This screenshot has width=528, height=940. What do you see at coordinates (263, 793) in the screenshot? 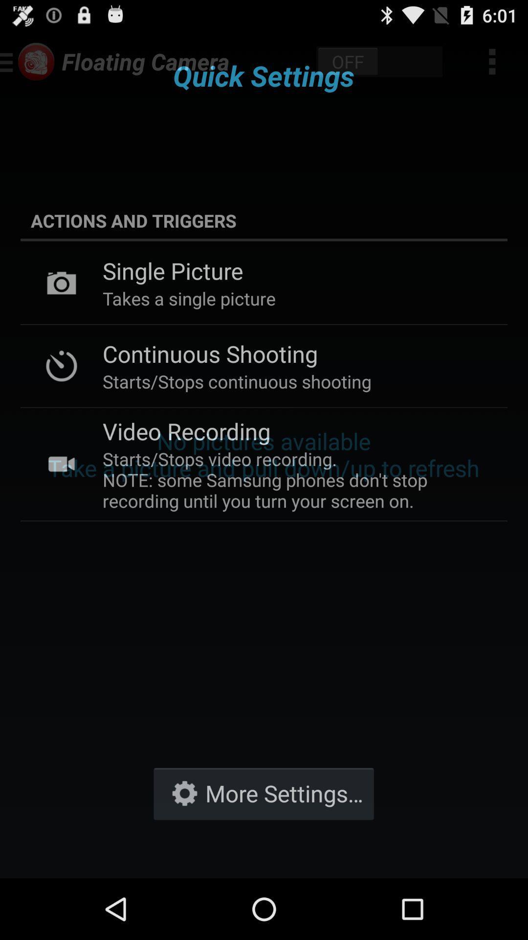
I see `the item at the bottom` at bounding box center [263, 793].